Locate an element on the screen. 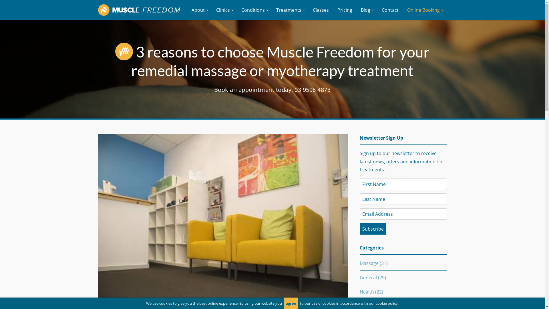 The image size is (549, 309). 'Classes' is located at coordinates (321, 10).